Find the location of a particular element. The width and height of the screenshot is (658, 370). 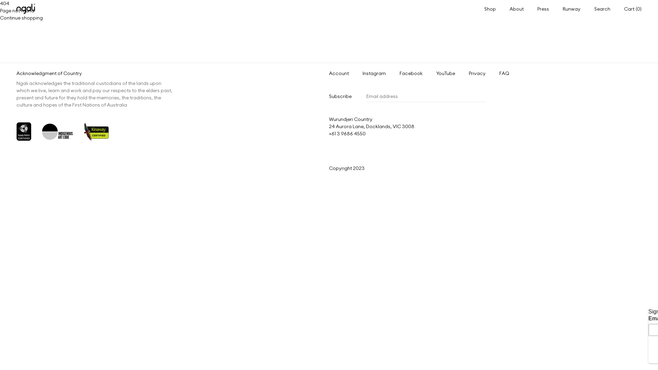

'Continue shopping' is located at coordinates (21, 17).